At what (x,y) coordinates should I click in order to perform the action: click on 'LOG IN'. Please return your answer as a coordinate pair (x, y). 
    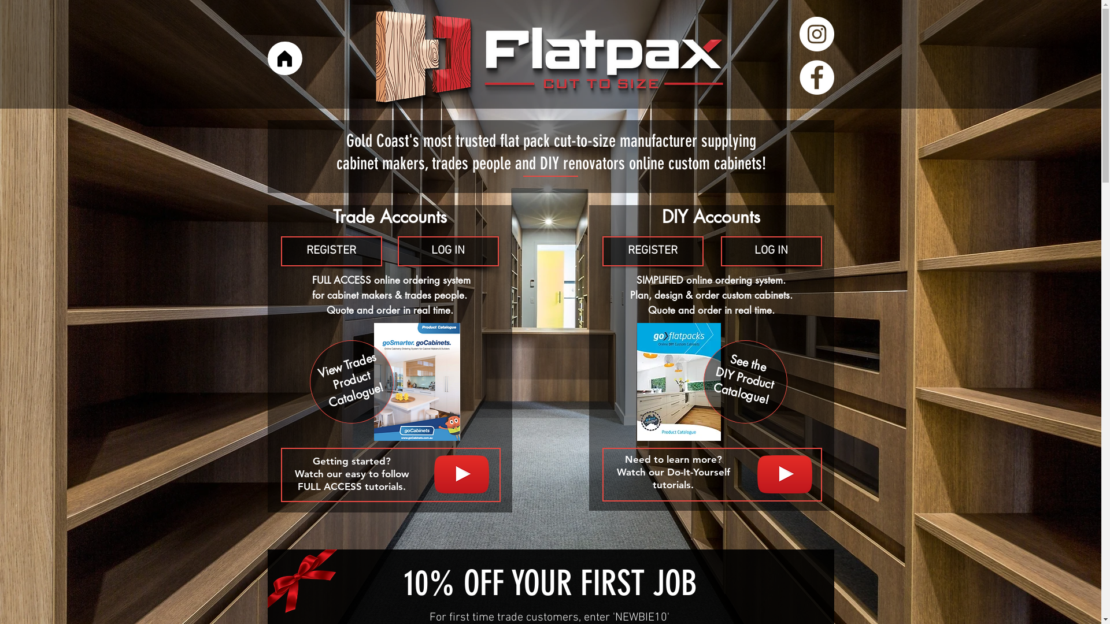
    Looking at the image, I should click on (771, 251).